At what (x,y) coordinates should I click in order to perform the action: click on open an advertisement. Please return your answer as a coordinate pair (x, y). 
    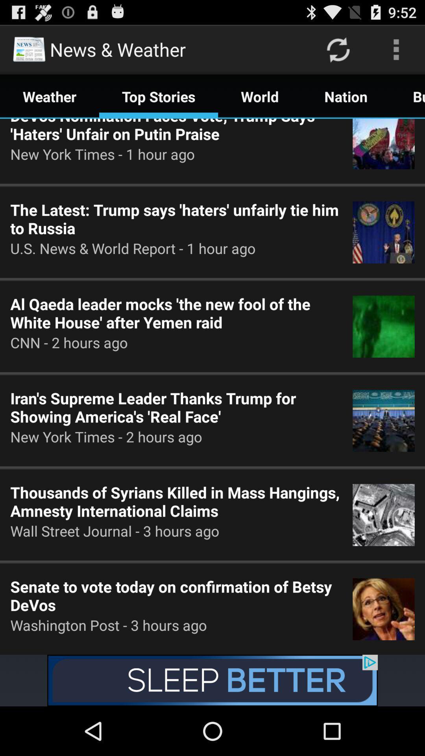
    Looking at the image, I should click on (213, 680).